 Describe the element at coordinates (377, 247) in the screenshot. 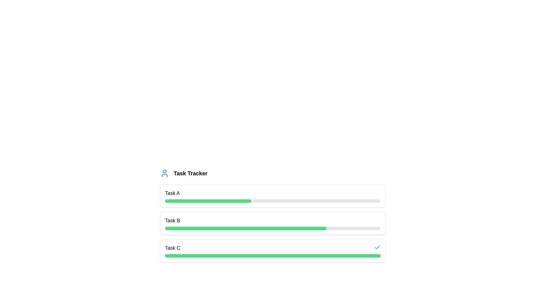

I see `the green checkmark icon that signifies completion or success, located to the far right within the row labeled 'Task C', aligned centrally with the row` at that location.